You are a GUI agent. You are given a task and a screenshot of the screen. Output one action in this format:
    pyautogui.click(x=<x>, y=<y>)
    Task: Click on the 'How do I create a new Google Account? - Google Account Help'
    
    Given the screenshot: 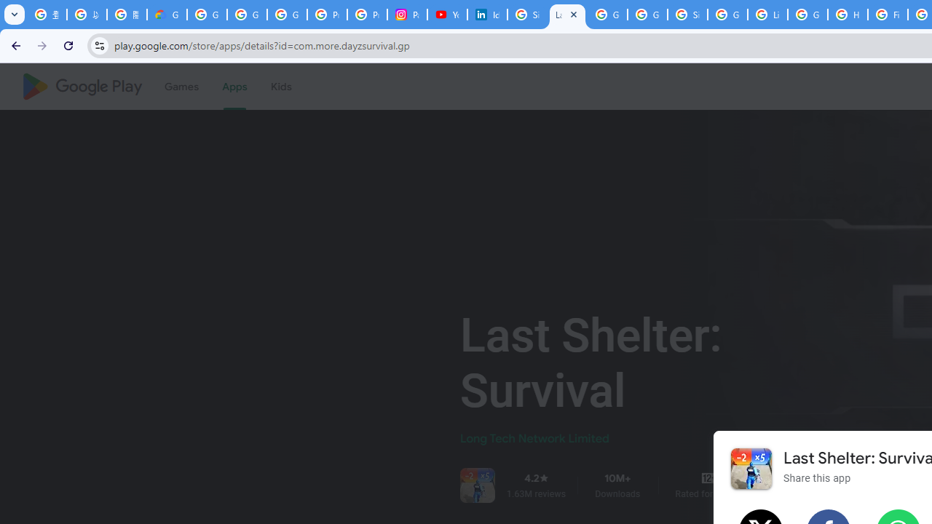 What is the action you would take?
    pyautogui.click(x=848, y=15)
    